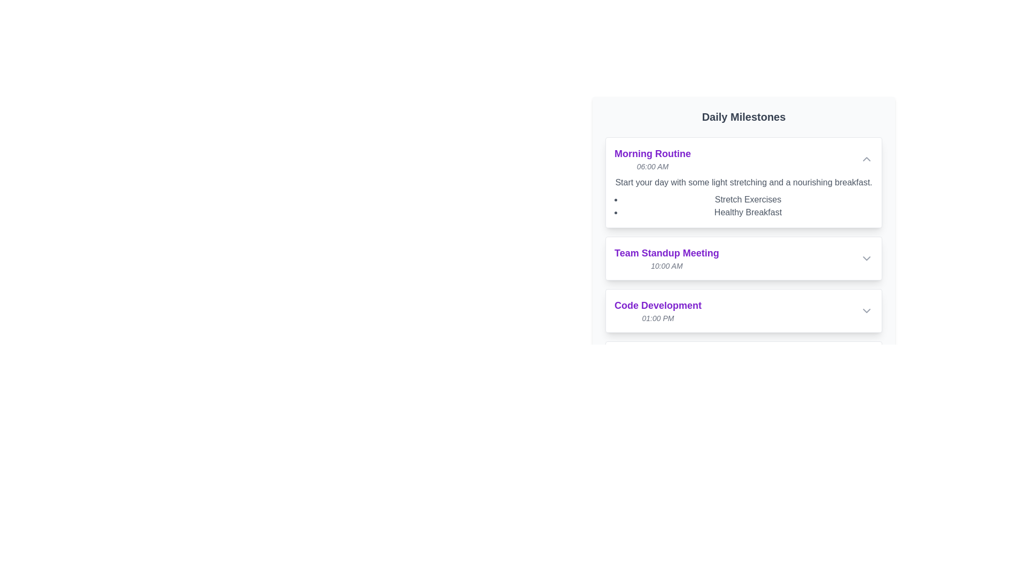 This screenshot has width=1026, height=577. I want to click on the 'Code Development' text label, which is bold, large, and styled in purple, located in the 'Daily Milestones' section above '01:00 PM', so click(657, 305).